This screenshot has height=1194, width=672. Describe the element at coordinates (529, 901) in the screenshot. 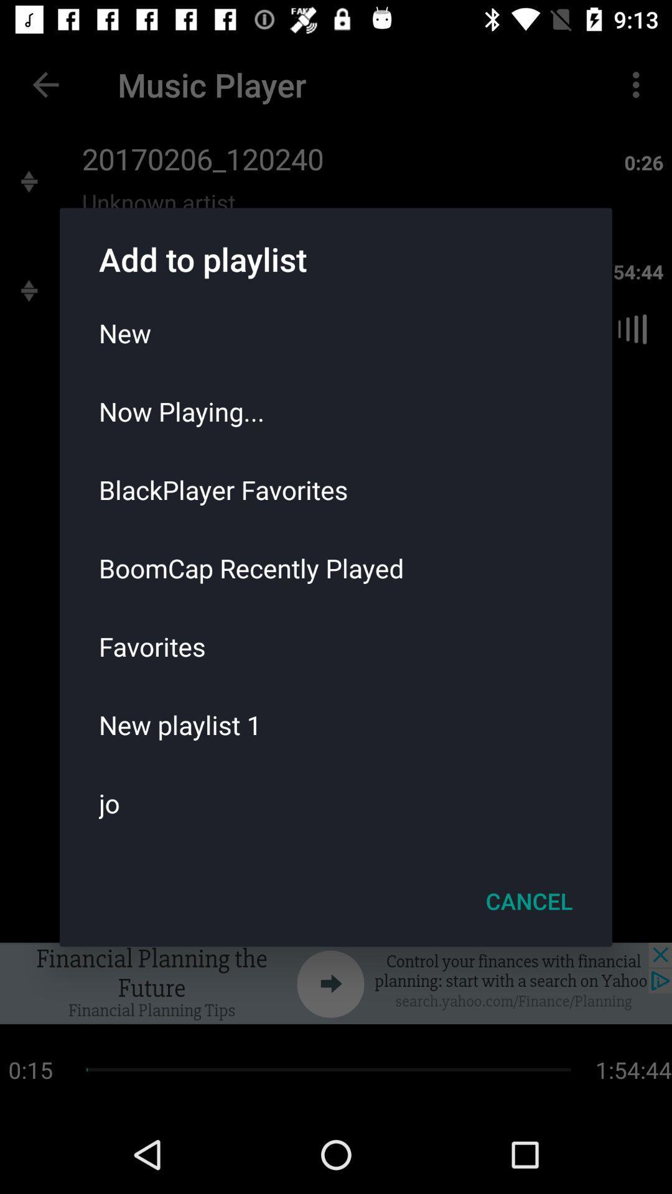

I see `cancel icon` at that location.